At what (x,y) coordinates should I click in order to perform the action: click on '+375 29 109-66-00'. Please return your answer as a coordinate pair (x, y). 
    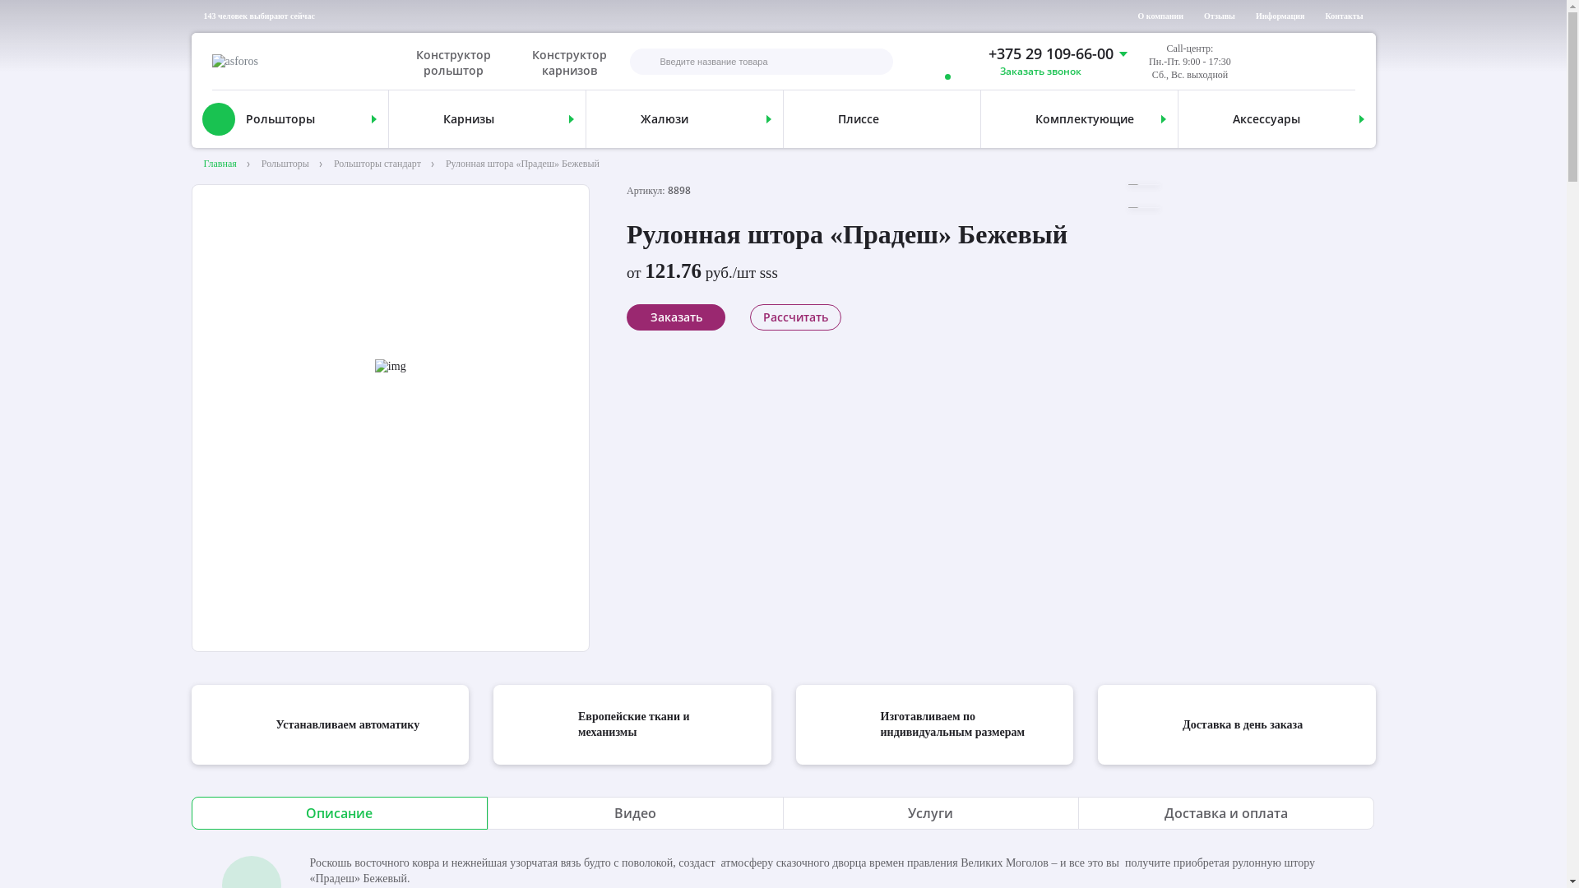
    Looking at the image, I should click on (1039, 53).